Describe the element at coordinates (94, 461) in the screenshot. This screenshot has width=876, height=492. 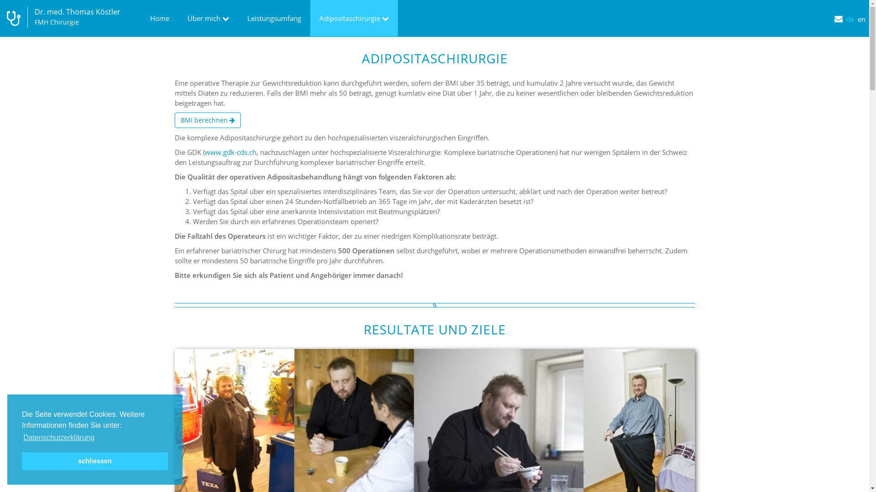
I see `'schliessen'` at that location.